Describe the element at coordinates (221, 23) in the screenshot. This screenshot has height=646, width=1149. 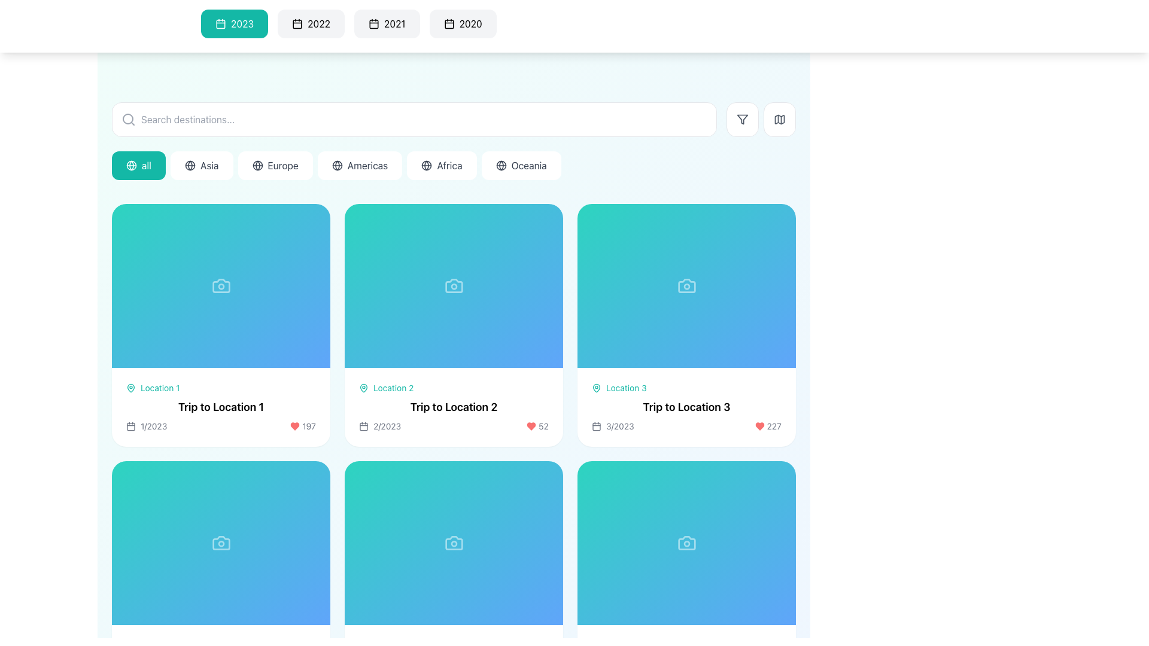
I see `the calendar icon located within the button labeled '2023'` at that location.